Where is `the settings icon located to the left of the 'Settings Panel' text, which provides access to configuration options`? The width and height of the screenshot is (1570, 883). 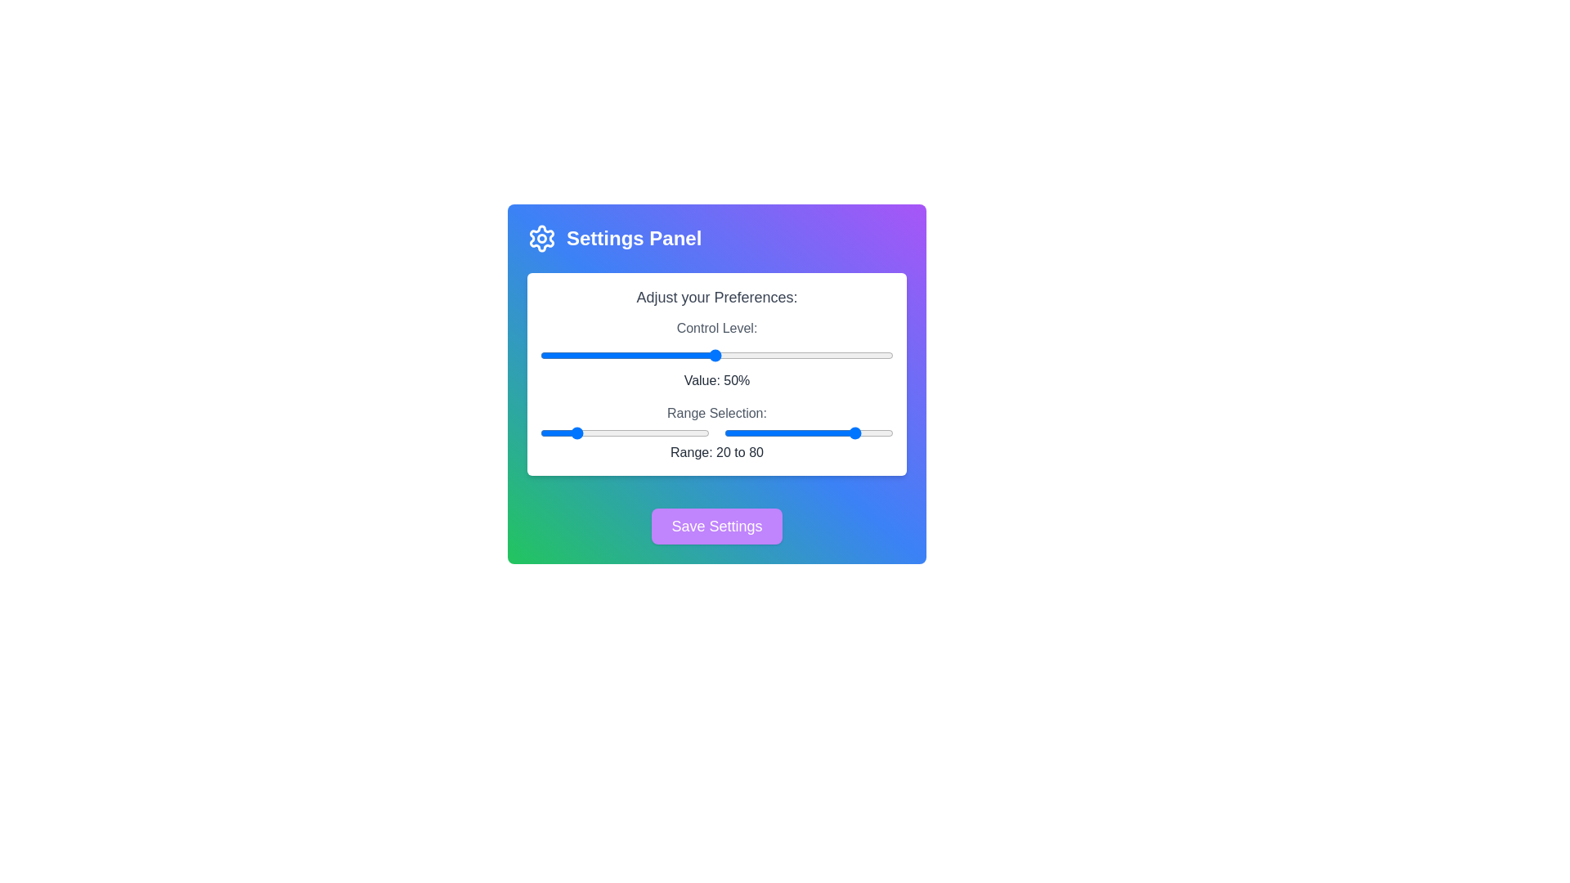
the settings icon located to the left of the 'Settings Panel' text, which provides access to configuration options is located at coordinates (541, 239).